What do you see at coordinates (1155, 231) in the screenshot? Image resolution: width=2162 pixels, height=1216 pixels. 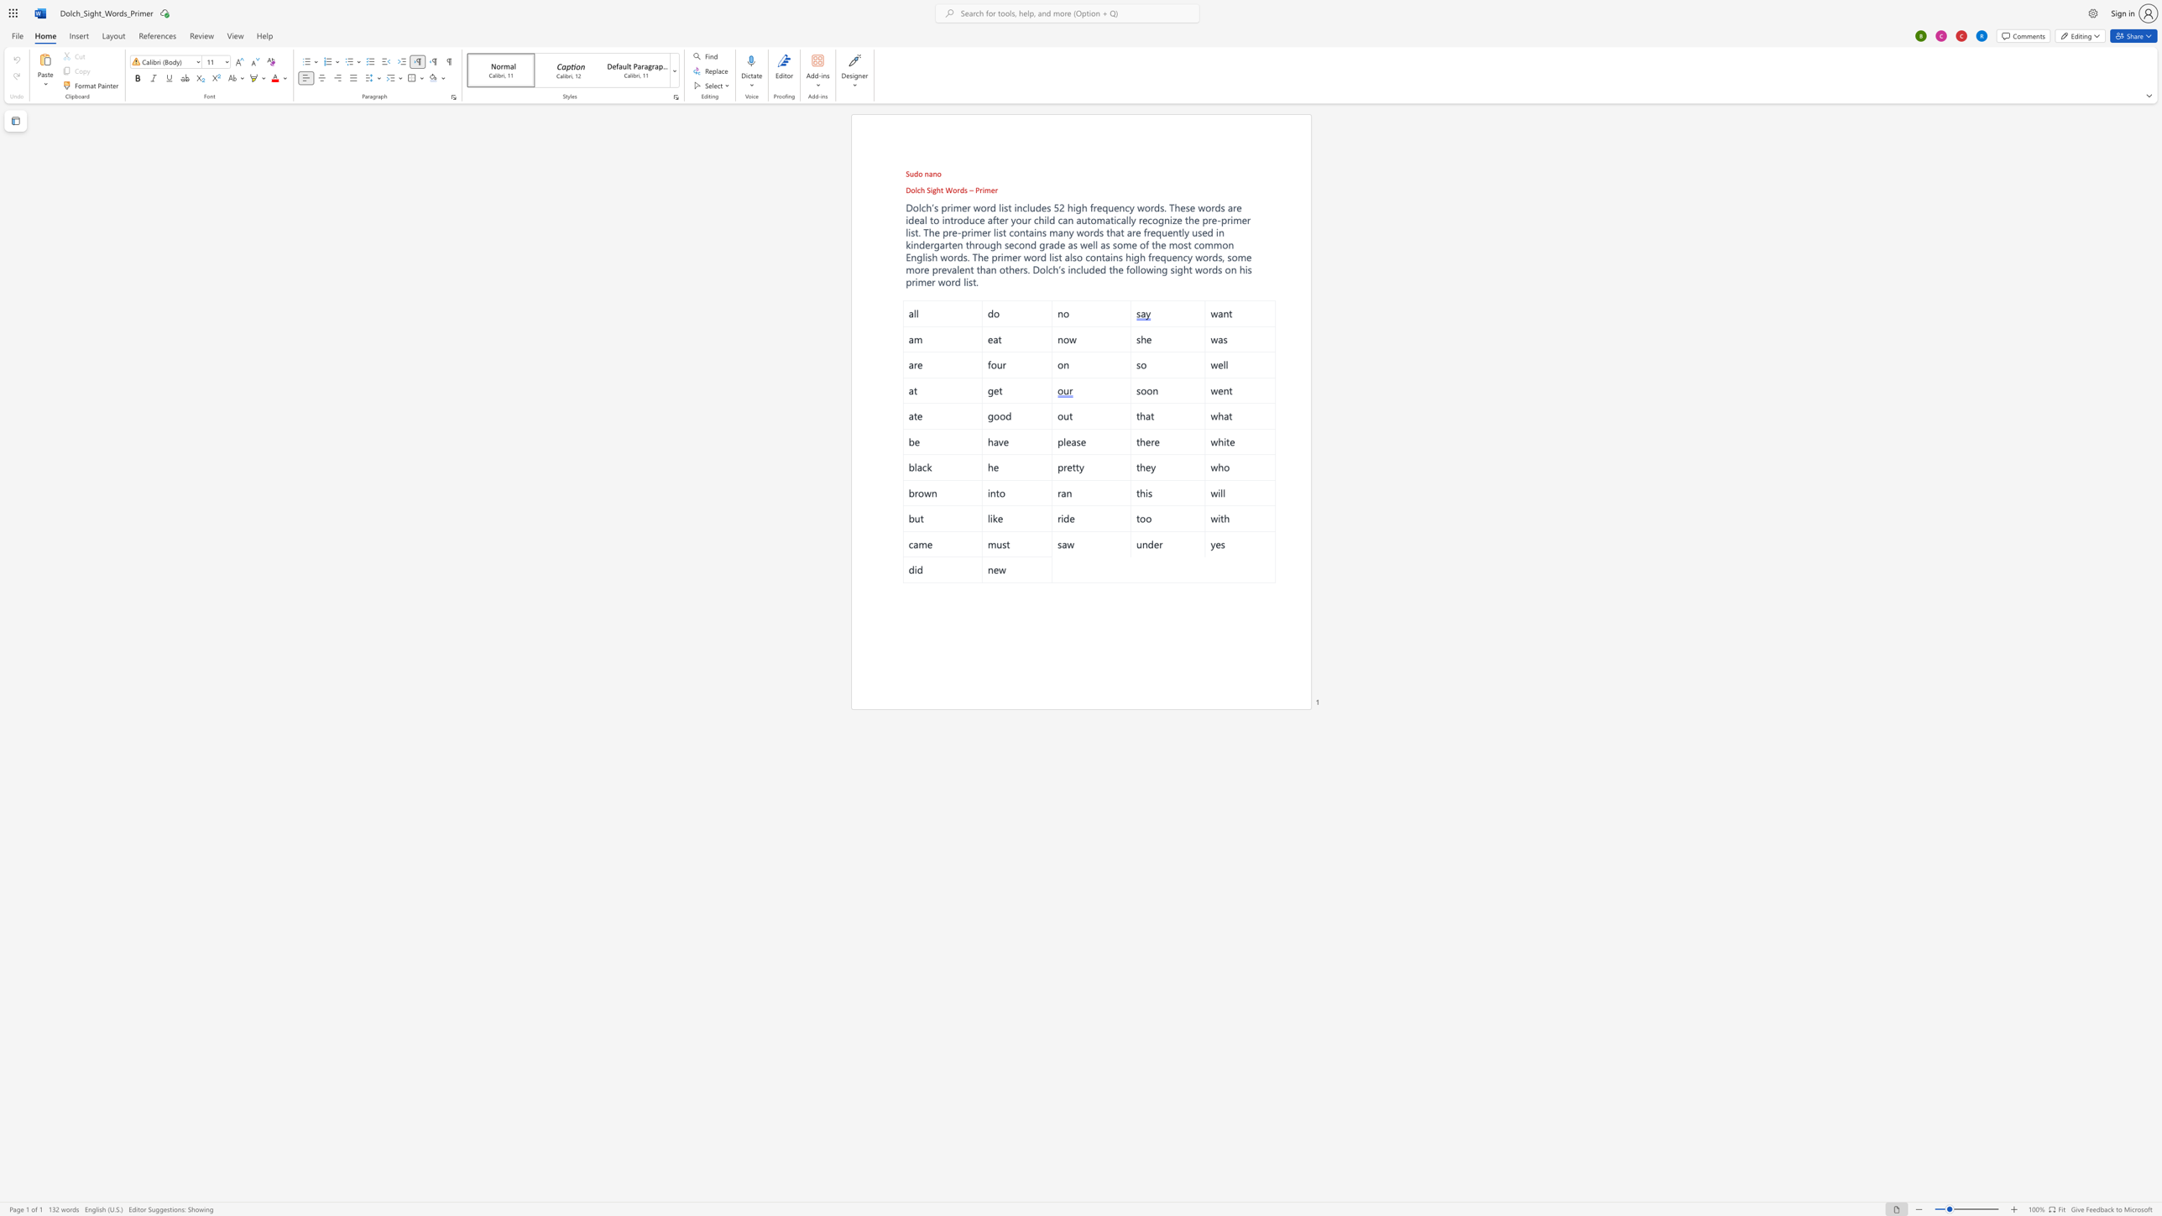 I see `the subset text "que" within the text "frequently"` at bounding box center [1155, 231].